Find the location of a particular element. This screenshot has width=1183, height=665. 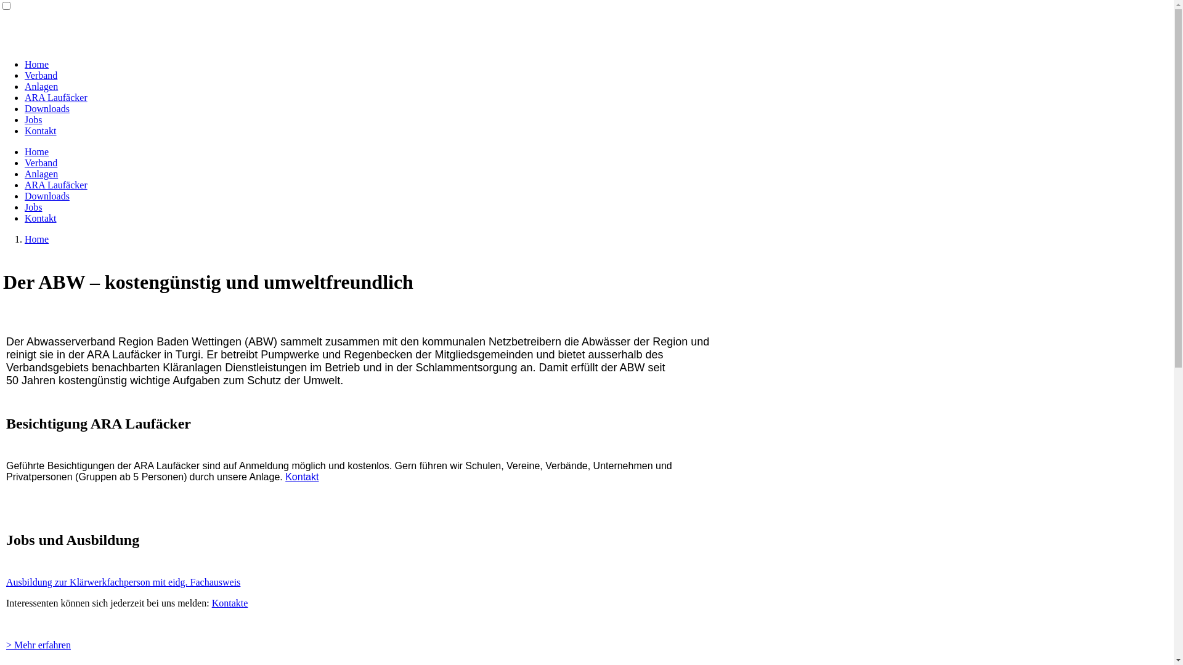

'Kontakte' is located at coordinates (230, 602).